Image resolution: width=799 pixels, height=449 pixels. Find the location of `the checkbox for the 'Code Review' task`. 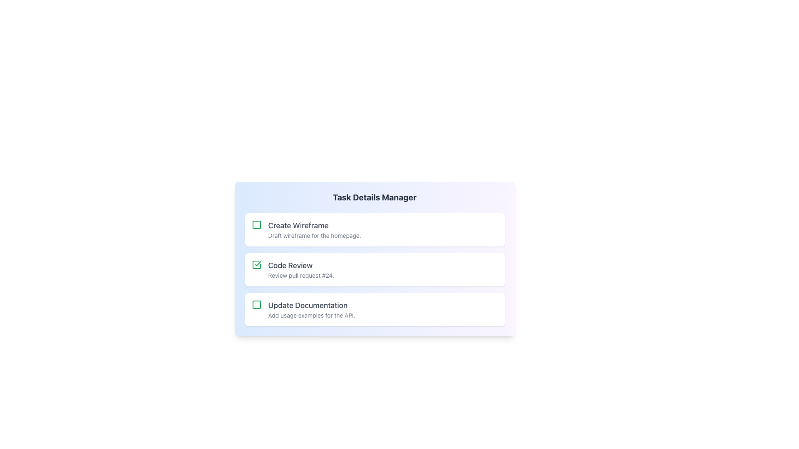

the checkbox for the 'Code Review' task is located at coordinates (256, 264).